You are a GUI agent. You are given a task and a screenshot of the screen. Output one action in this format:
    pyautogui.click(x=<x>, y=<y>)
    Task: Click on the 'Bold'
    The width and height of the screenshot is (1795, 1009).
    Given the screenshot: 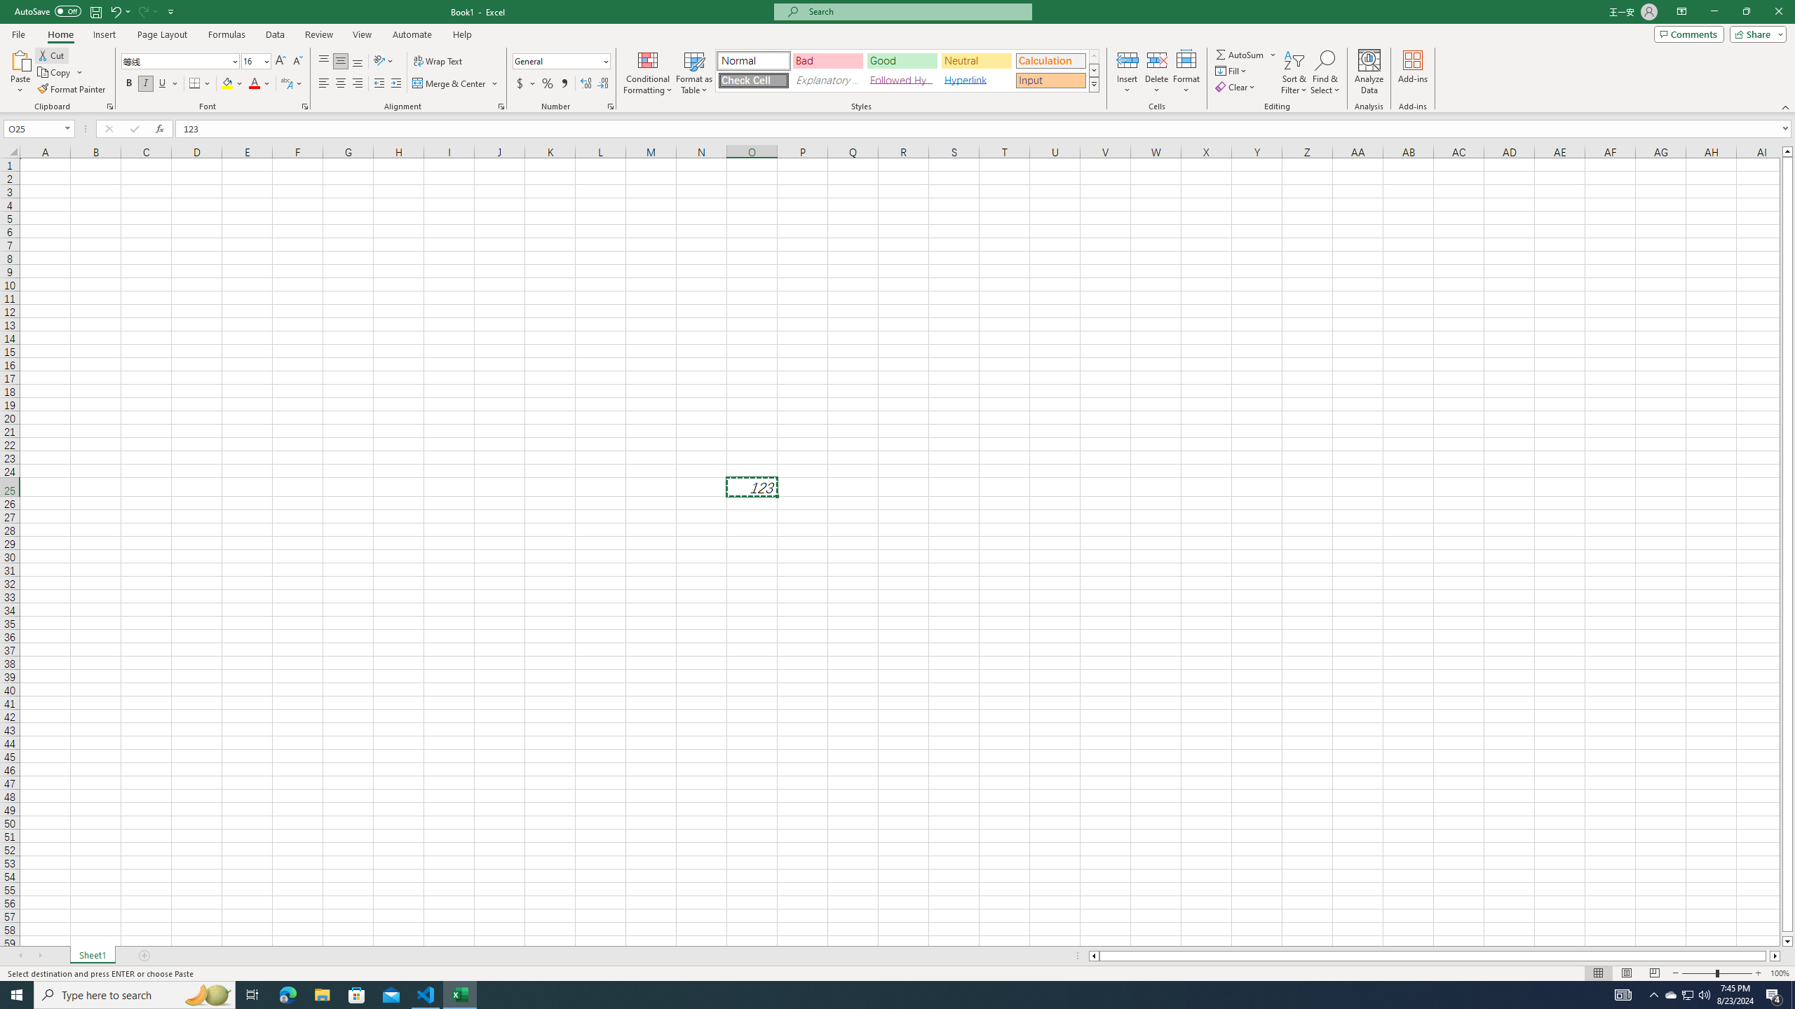 What is the action you would take?
    pyautogui.click(x=128, y=83)
    